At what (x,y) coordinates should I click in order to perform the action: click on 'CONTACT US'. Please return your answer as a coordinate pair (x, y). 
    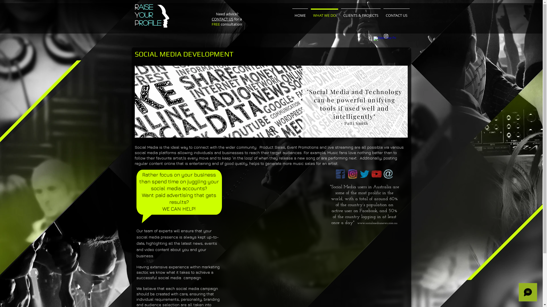
    Looking at the image, I should click on (396, 13).